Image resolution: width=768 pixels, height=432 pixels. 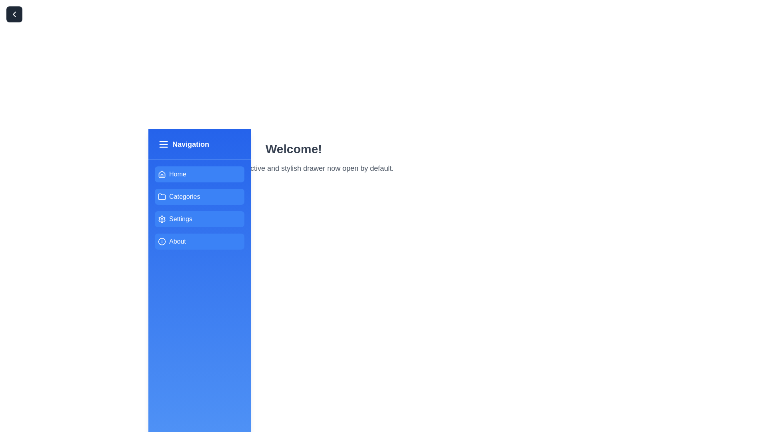 What do you see at coordinates (14, 14) in the screenshot?
I see `the small, square button with rounded corners featuring a leftward-pointing chevron icon` at bounding box center [14, 14].